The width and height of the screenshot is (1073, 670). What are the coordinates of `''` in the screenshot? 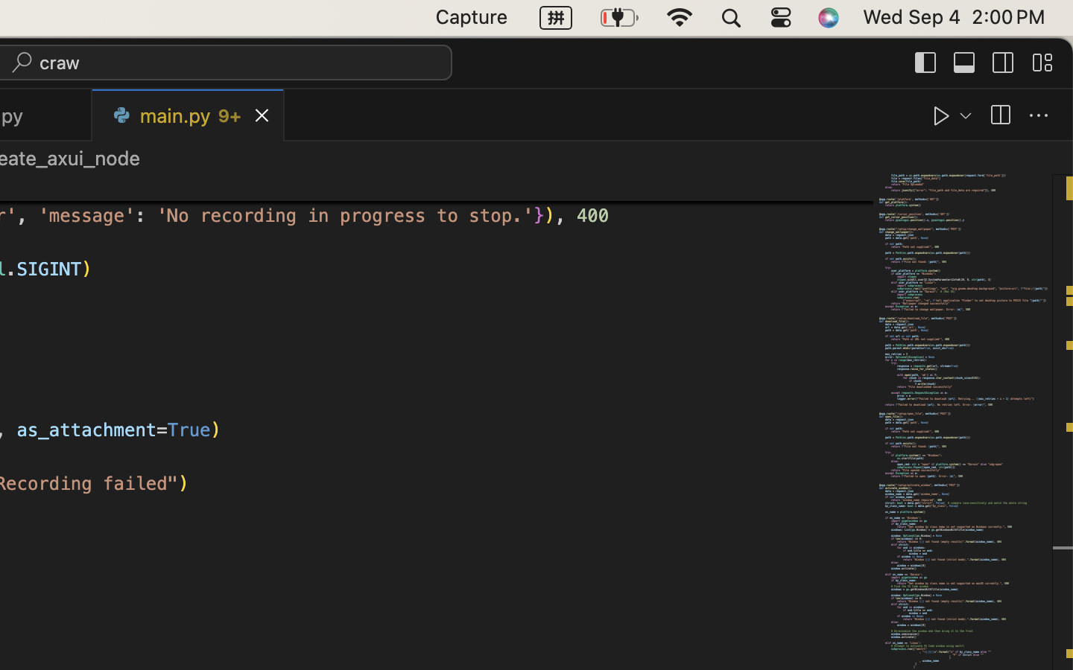 It's located at (1002, 61).